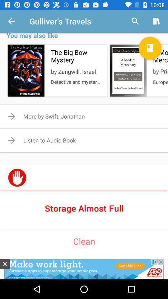 This screenshot has height=299, width=168. I want to click on the book icon, so click(150, 48).